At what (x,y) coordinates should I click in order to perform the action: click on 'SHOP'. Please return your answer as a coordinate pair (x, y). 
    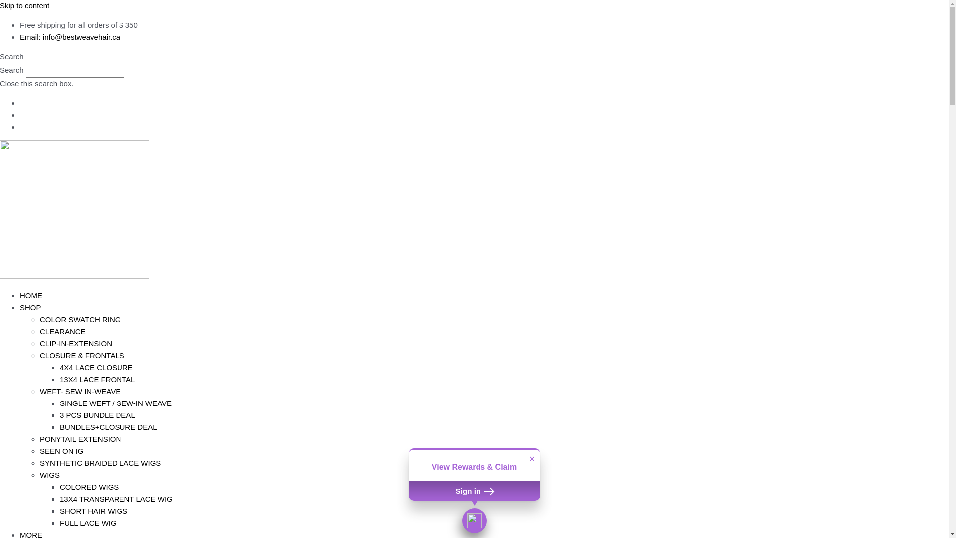
    Looking at the image, I should click on (30, 307).